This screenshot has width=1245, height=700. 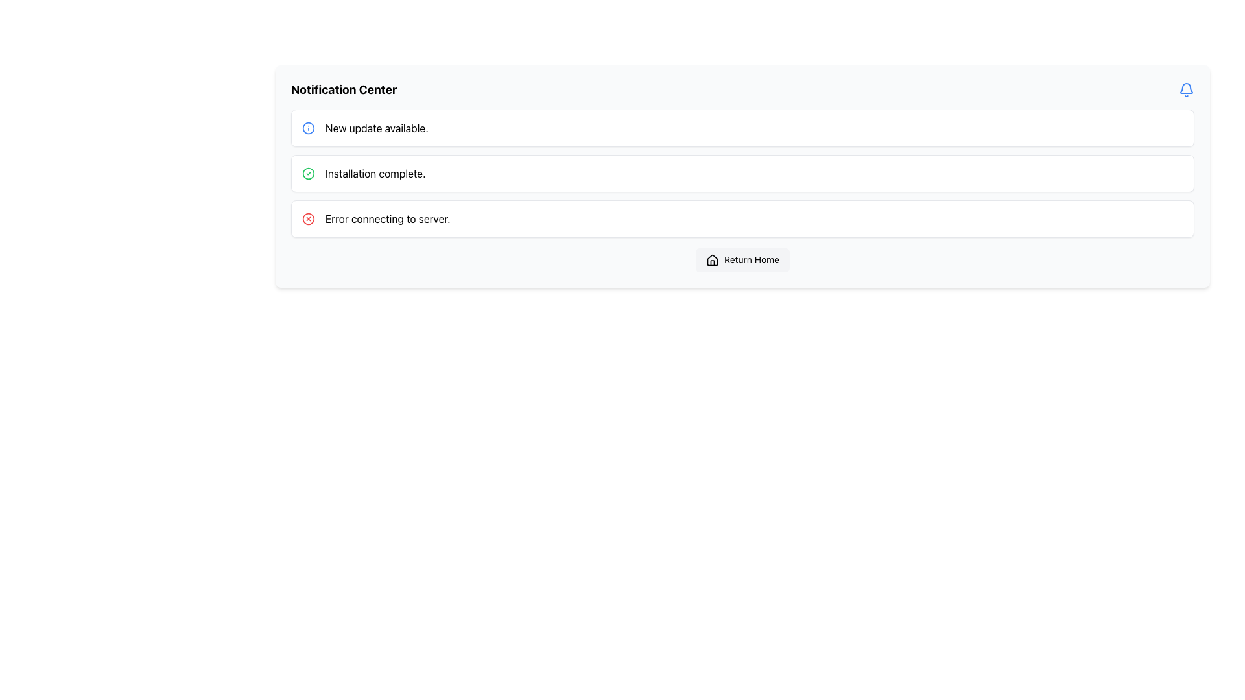 I want to click on message displayed in the text label which says 'Installation complete.' located in the second row of notifications, below 'New update available.' and above 'Error connecting to server.', so click(x=375, y=172).